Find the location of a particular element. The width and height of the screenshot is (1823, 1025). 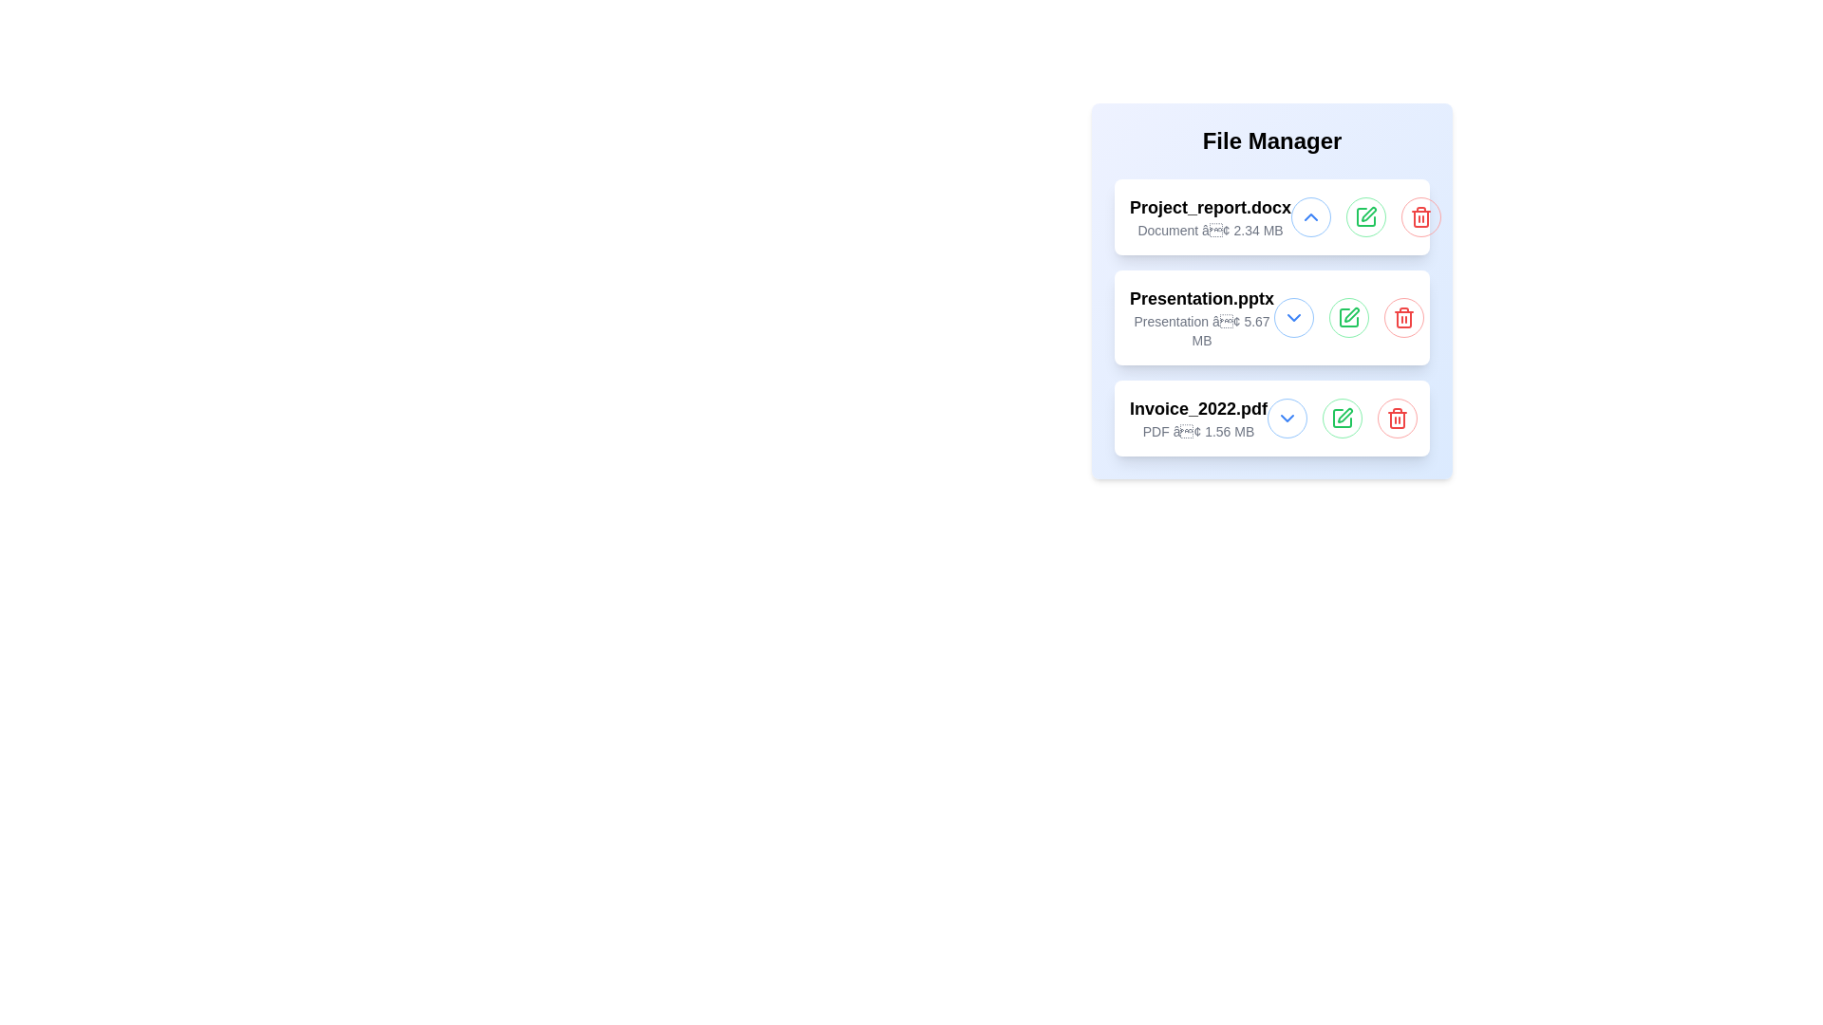

chevron button to toggle the active state of the file Presentation.pptx is located at coordinates (1293, 317).